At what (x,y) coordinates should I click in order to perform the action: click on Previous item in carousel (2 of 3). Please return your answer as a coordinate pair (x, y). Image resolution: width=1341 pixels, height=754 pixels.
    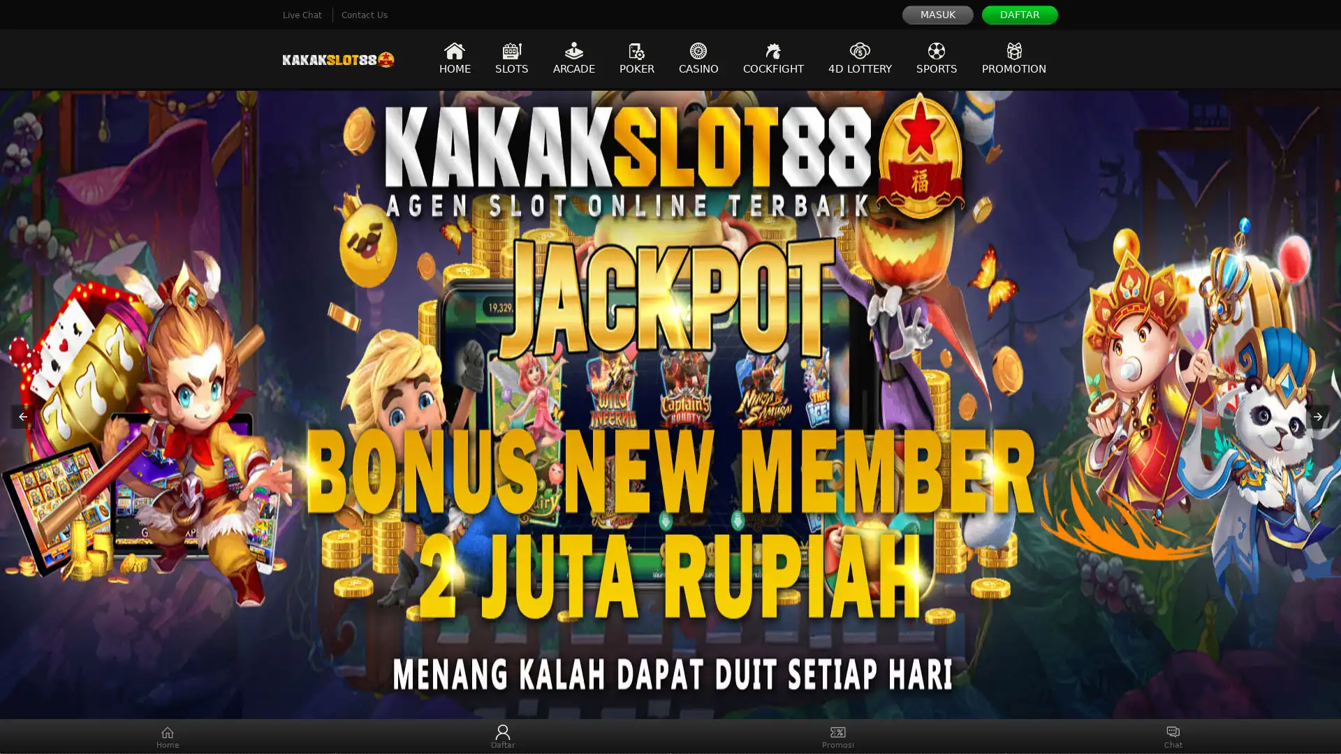
    Looking at the image, I should click on (23, 416).